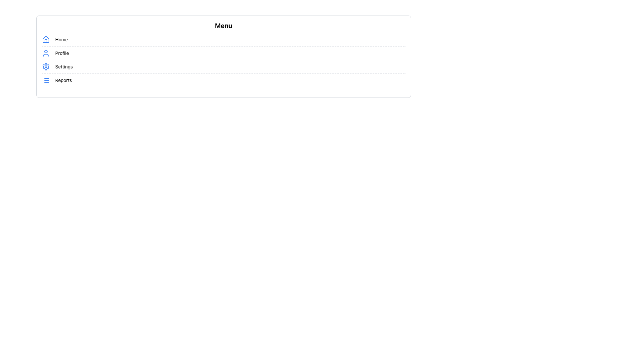  What do you see at coordinates (224, 66) in the screenshot?
I see `the third menu item in the vertical list of menu options` at bounding box center [224, 66].